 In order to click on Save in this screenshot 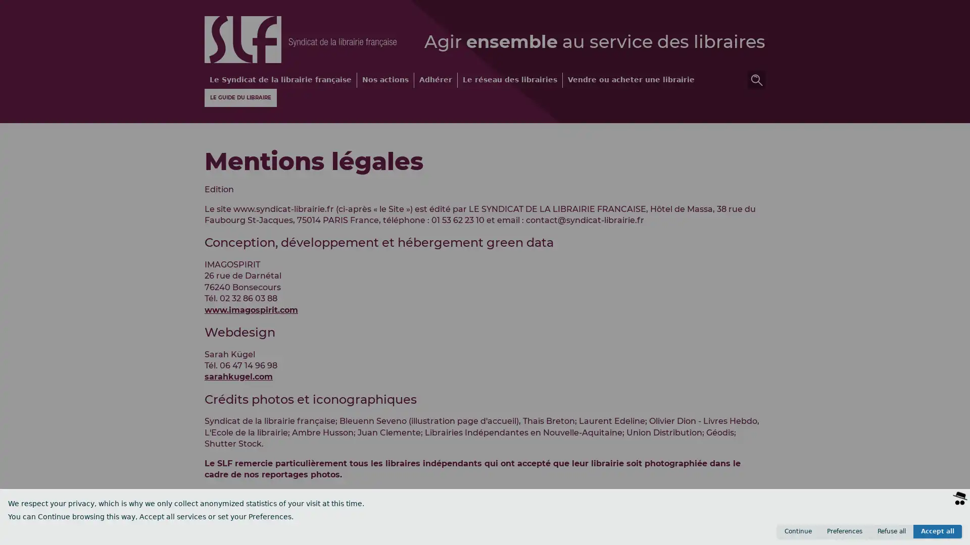, I will do `click(945, 534)`.